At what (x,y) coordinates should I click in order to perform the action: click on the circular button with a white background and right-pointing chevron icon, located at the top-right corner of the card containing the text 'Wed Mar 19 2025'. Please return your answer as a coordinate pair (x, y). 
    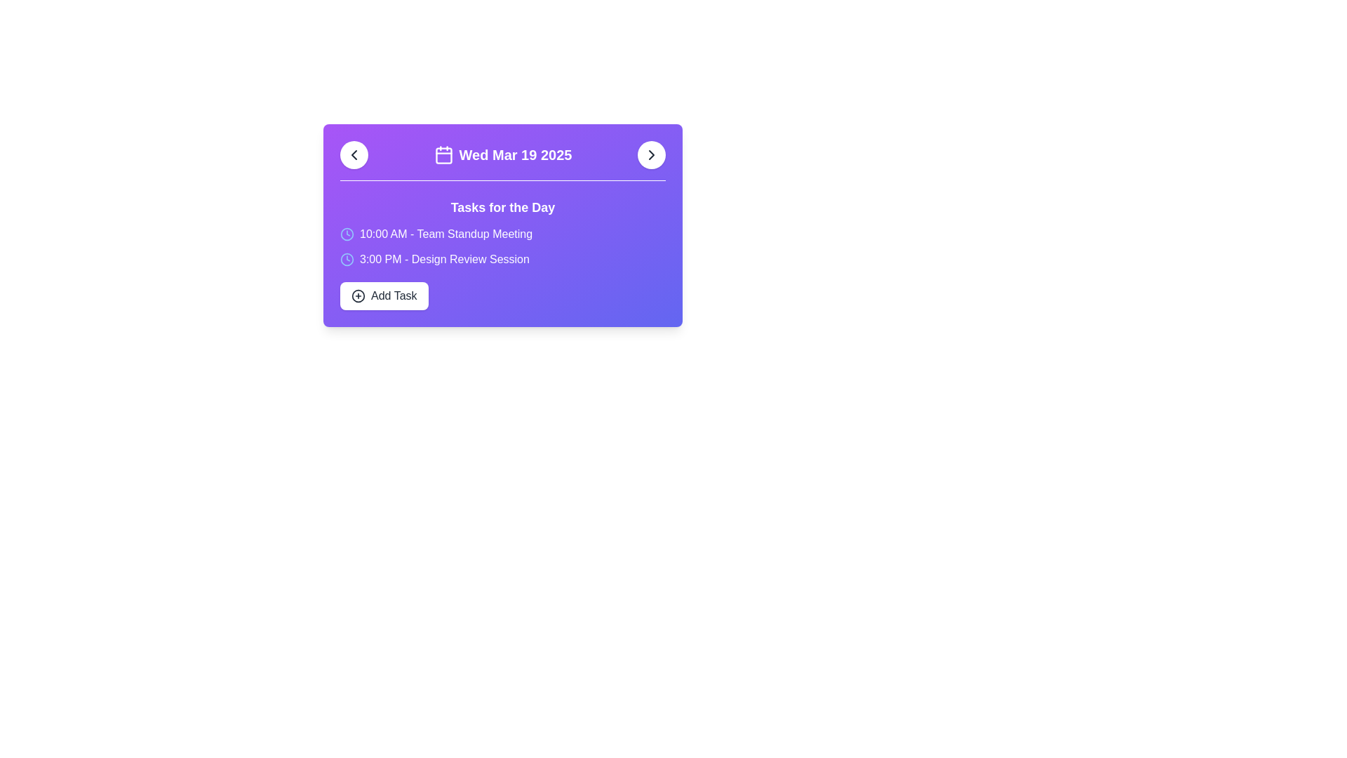
    Looking at the image, I should click on (651, 154).